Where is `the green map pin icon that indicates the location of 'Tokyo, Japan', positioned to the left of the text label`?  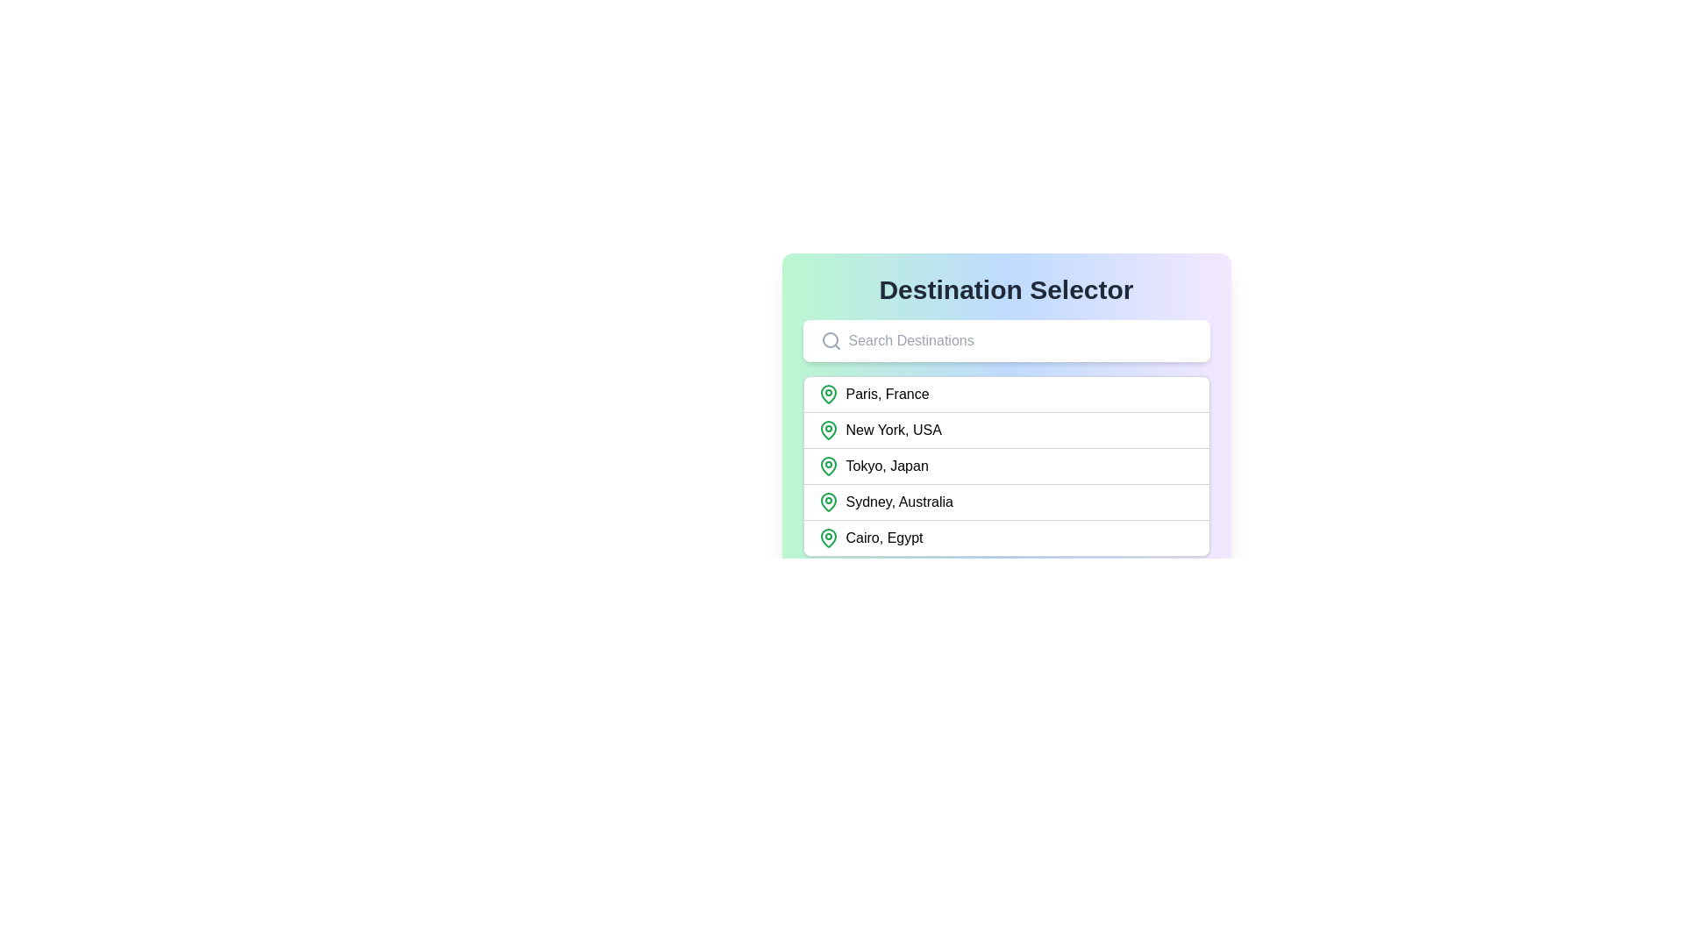
the green map pin icon that indicates the location of 'Tokyo, Japan', positioned to the left of the text label is located at coordinates (827, 466).